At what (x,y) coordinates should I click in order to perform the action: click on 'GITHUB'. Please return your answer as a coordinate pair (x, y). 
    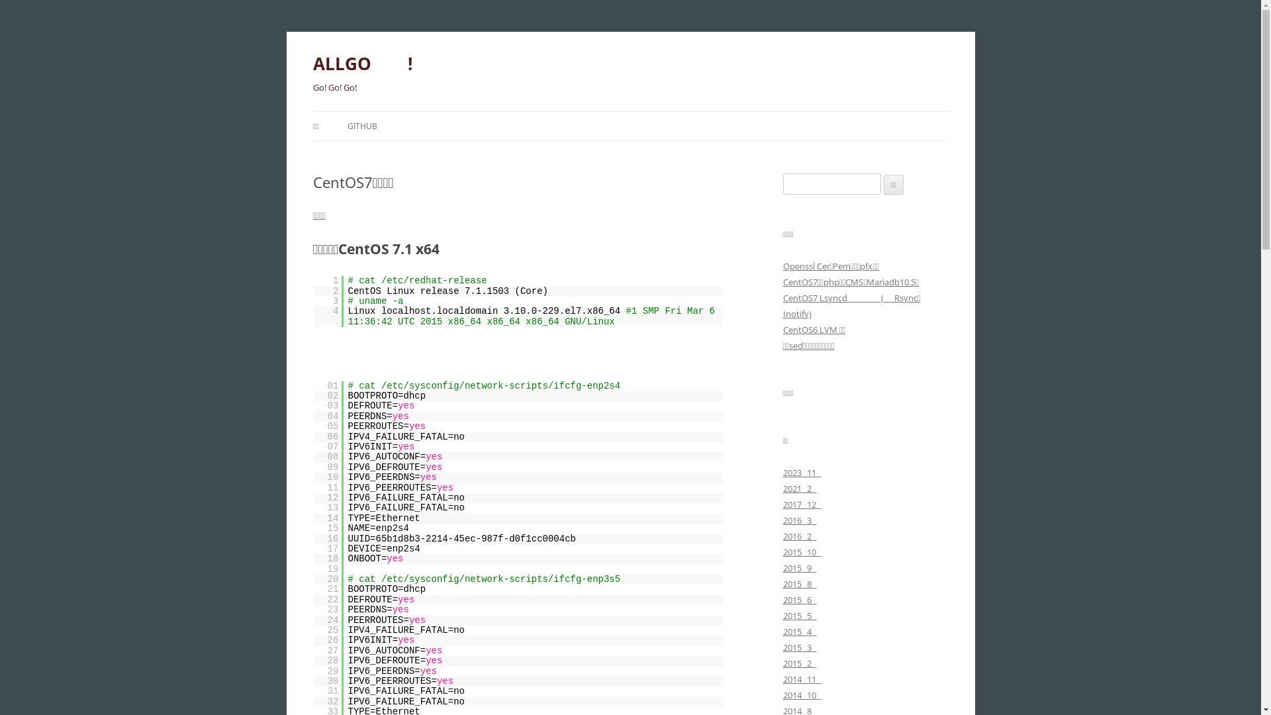
    Looking at the image, I should click on (362, 126).